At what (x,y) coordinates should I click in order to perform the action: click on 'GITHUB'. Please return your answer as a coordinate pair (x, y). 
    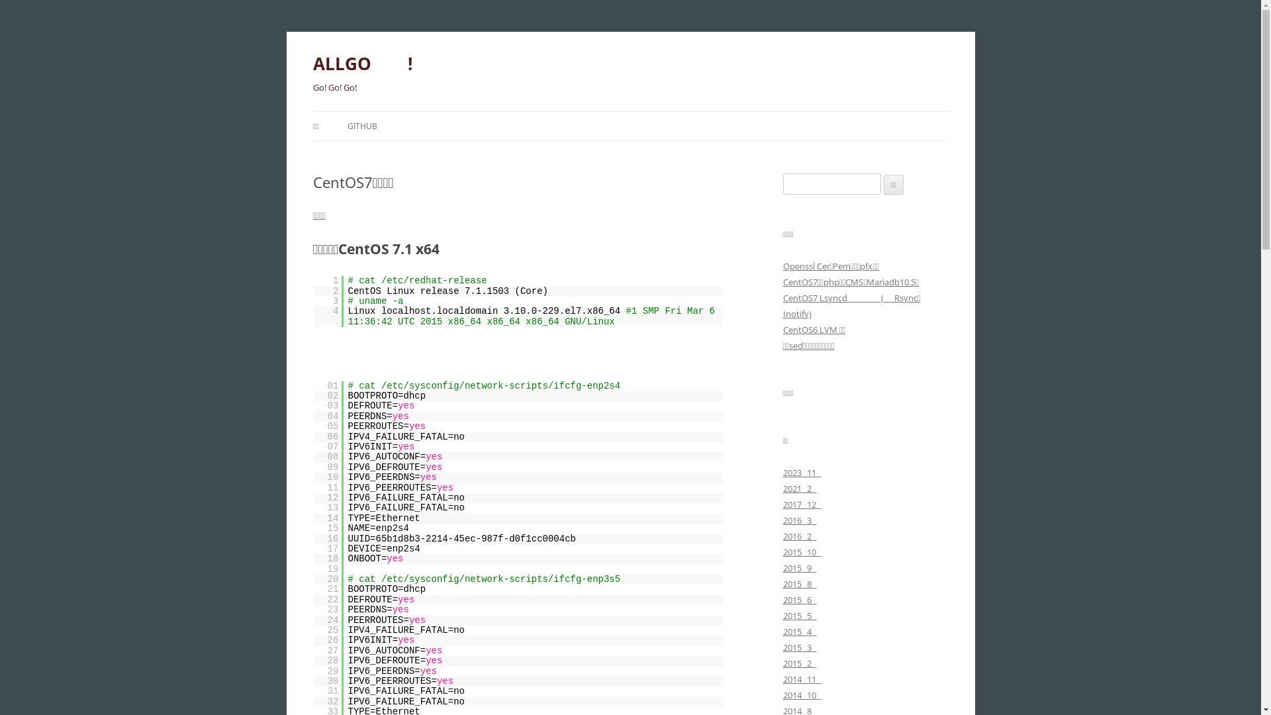
    Looking at the image, I should click on (362, 126).